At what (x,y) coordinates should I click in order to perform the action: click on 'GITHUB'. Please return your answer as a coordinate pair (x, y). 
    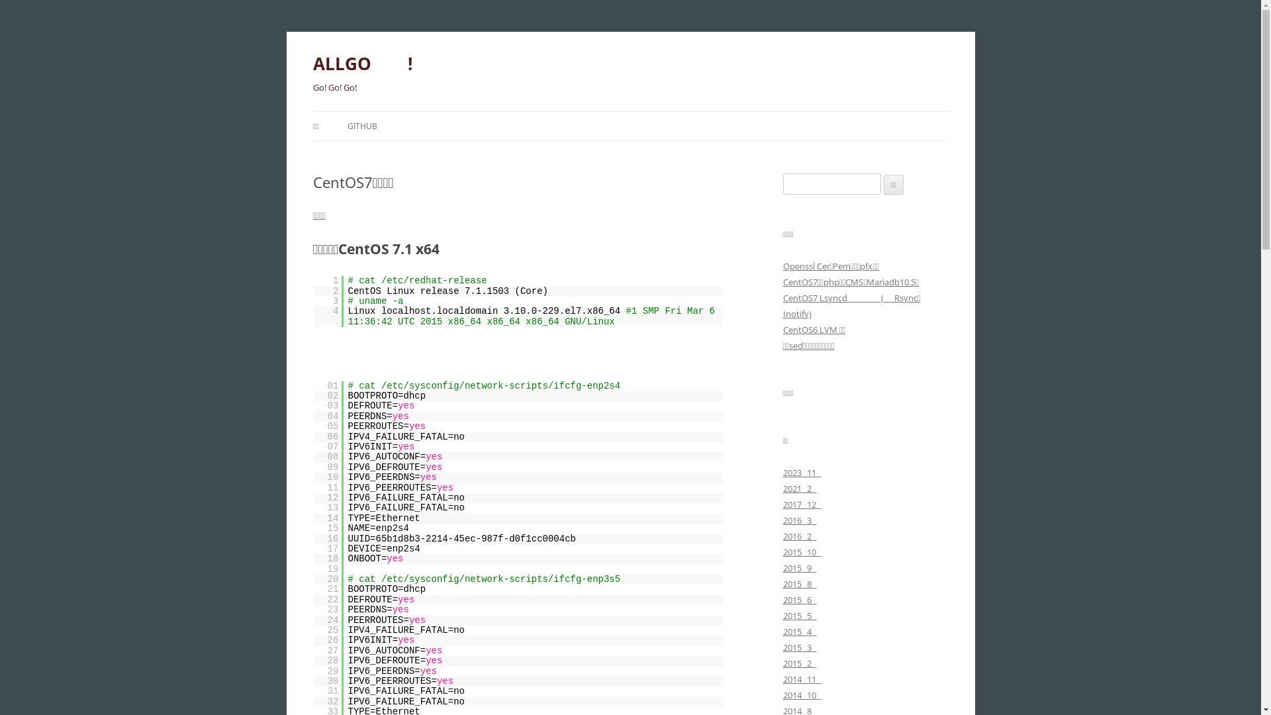
    Looking at the image, I should click on (362, 126).